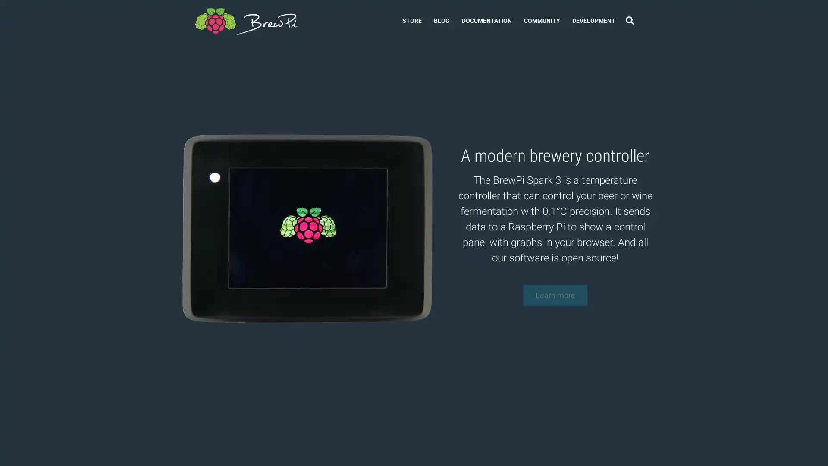 The width and height of the screenshot is (828, 466). Describe the element at coordinates (555, 297) in the screenshot. I see `Learn more` at that location.